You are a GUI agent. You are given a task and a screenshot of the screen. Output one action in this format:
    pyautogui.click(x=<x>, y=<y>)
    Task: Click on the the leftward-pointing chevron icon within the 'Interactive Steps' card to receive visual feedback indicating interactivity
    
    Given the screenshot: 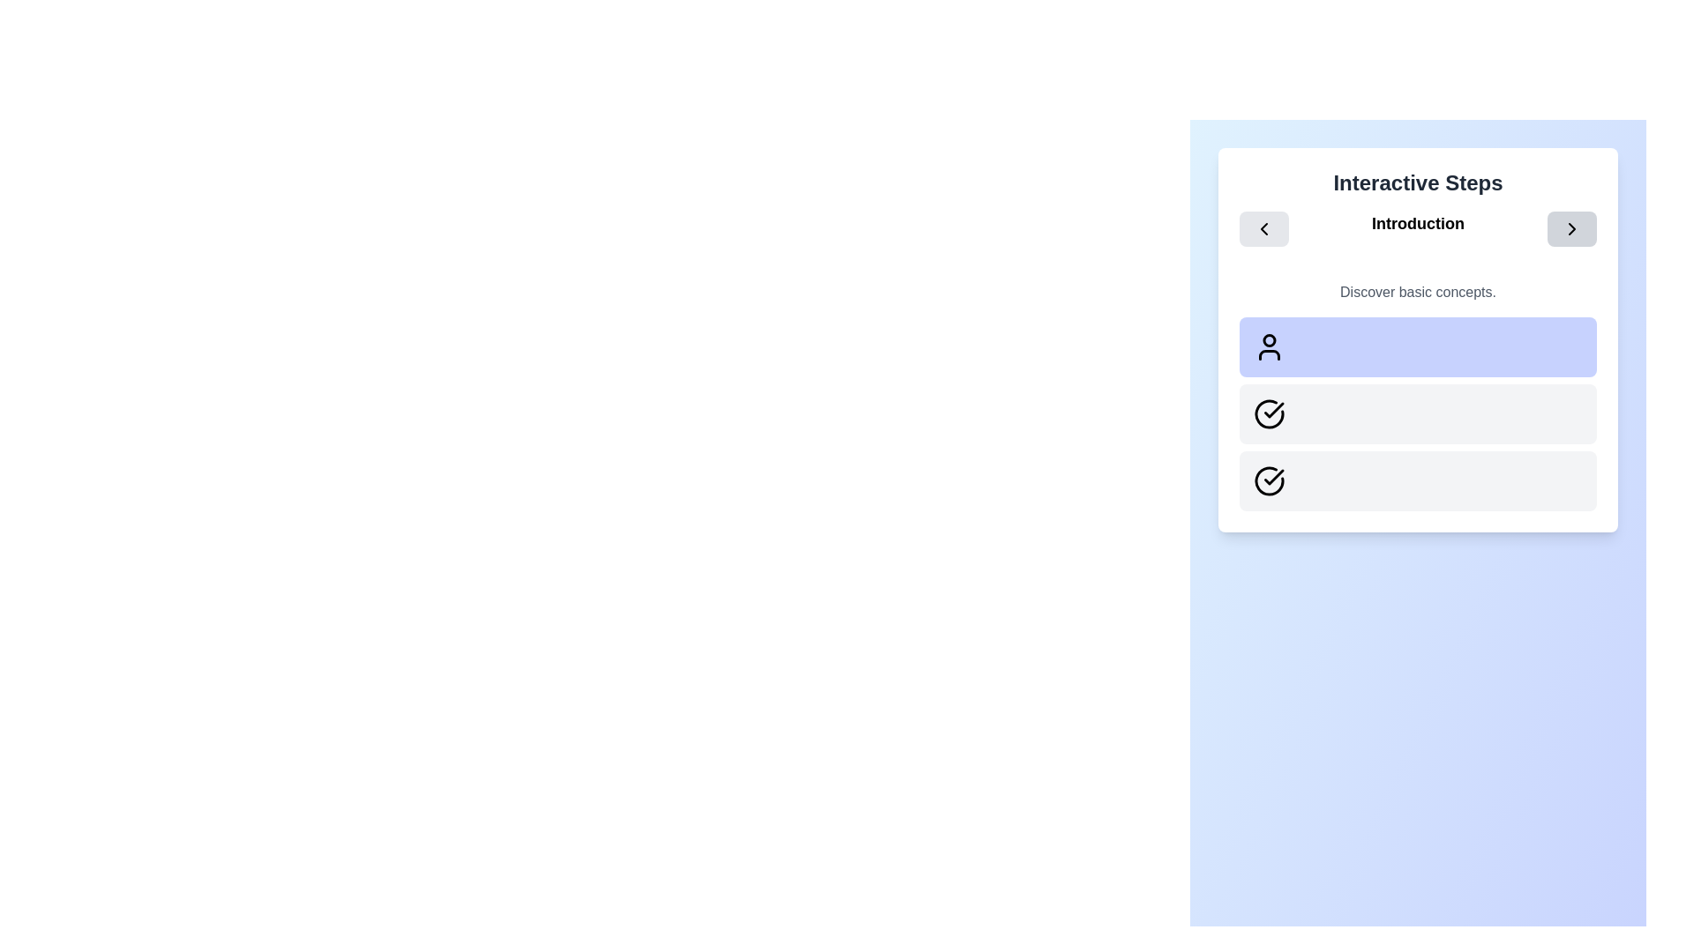 What is the action you would take?
    pyautogui.click(x=1263, y=227)
    